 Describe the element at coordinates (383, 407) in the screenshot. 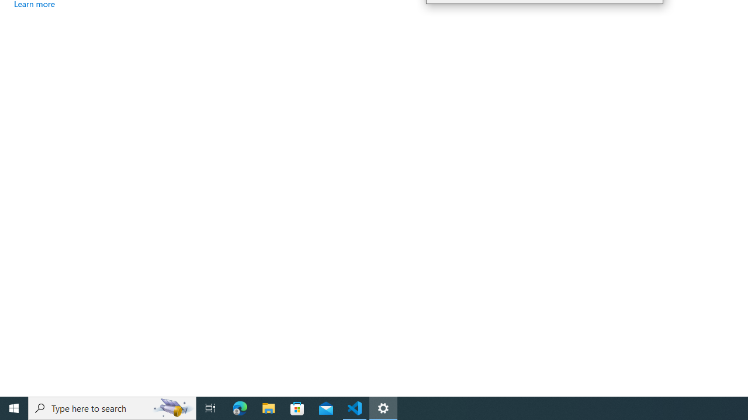

I see `'Settings - 1 running window'` at that location.